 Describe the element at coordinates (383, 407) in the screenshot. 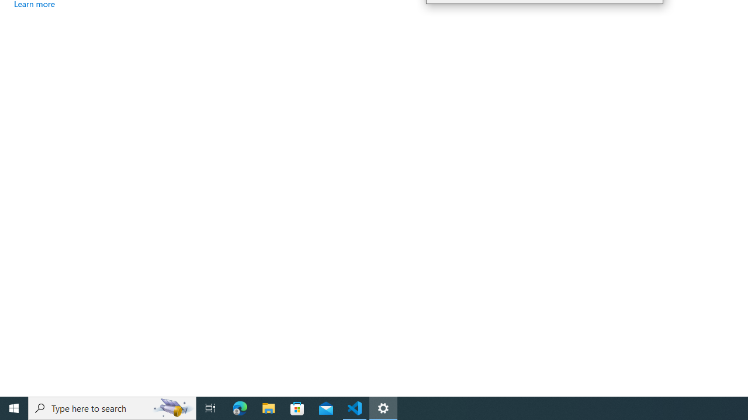

I see `'Settings - 1 running window'` at that location.